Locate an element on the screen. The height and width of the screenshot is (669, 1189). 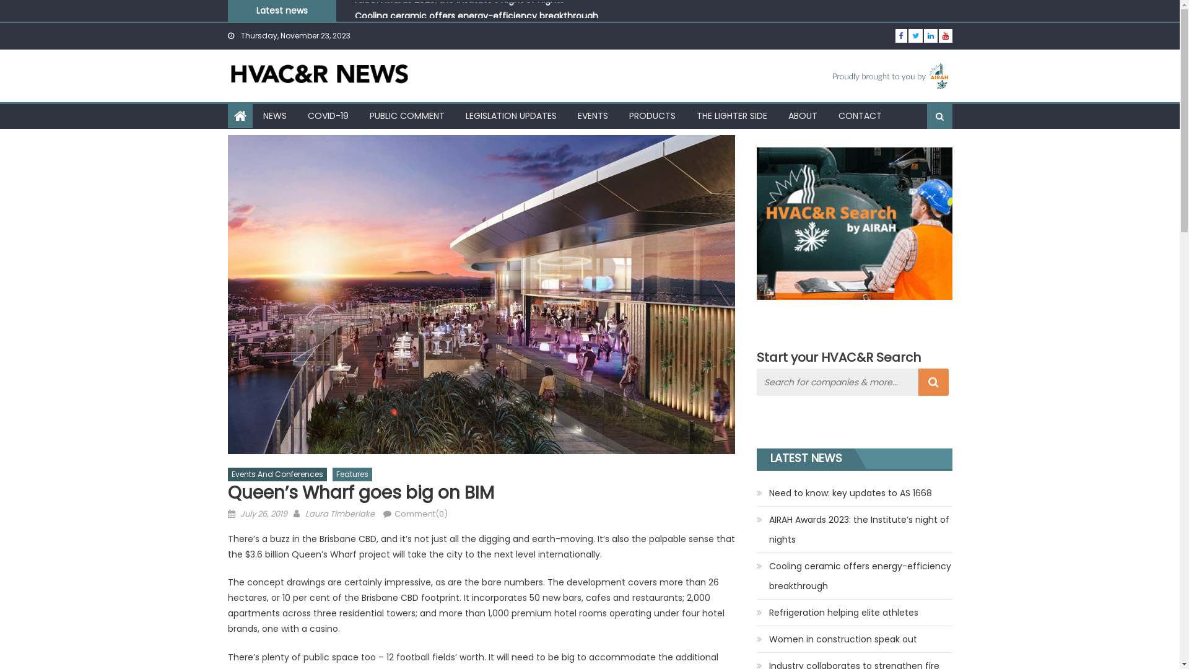
'COVID-19' is located at coordinates (298, 115).